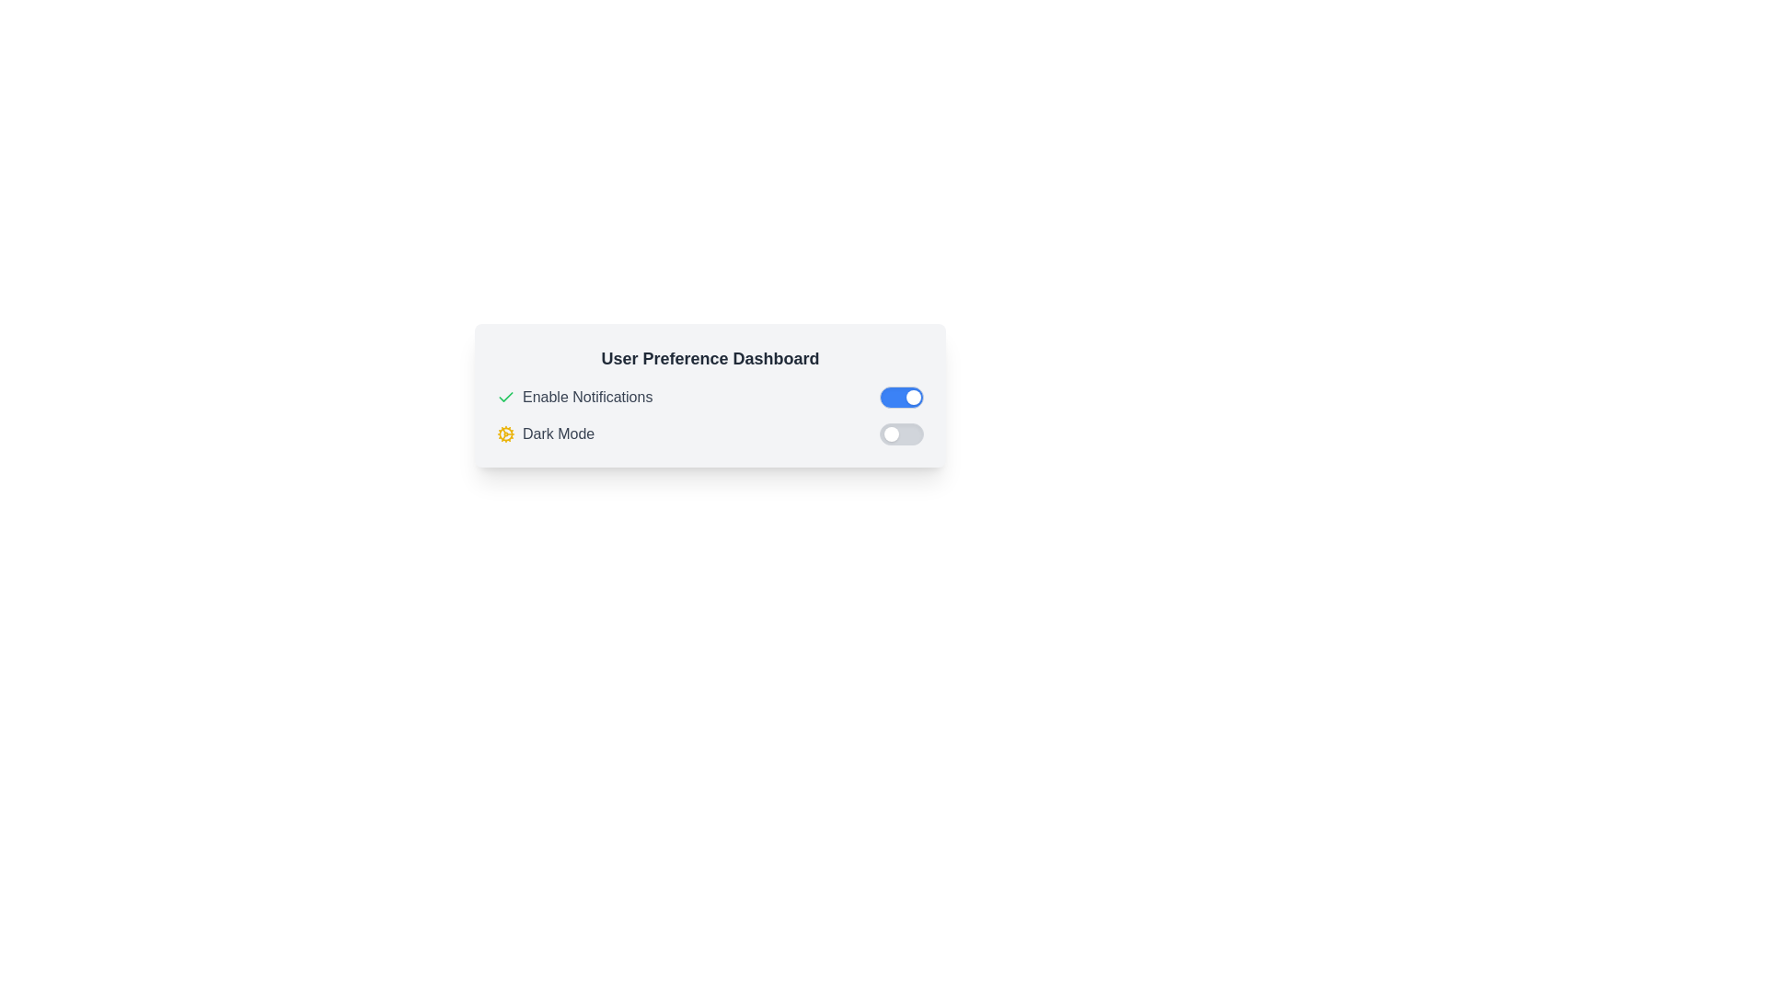 This screenshot has height=994, width=1767. I want to click on the toggle switch that enables or disables notifications, located to the far right of the 'Enable Notifications' label in the user preference settings, so click(901, 397).